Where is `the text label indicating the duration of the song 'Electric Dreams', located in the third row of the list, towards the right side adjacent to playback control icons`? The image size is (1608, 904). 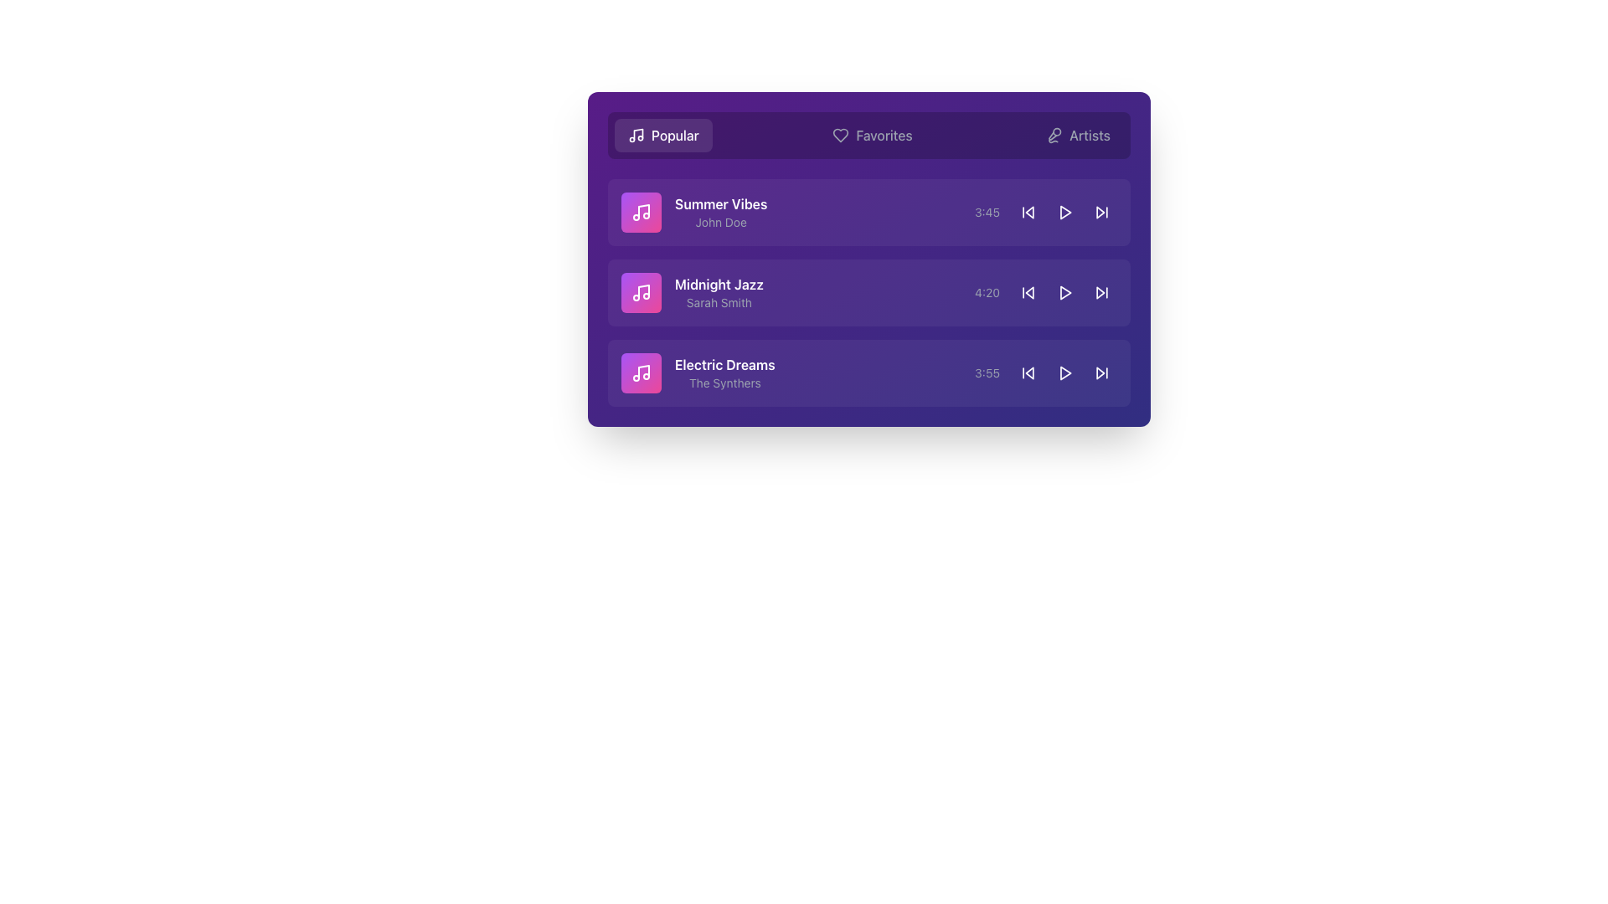 the text label indicating the duration of the song 'Electric Dreams', located in the third row of the list, towards the right side adjacent to playback control icons is located at coordinates (987, 372).